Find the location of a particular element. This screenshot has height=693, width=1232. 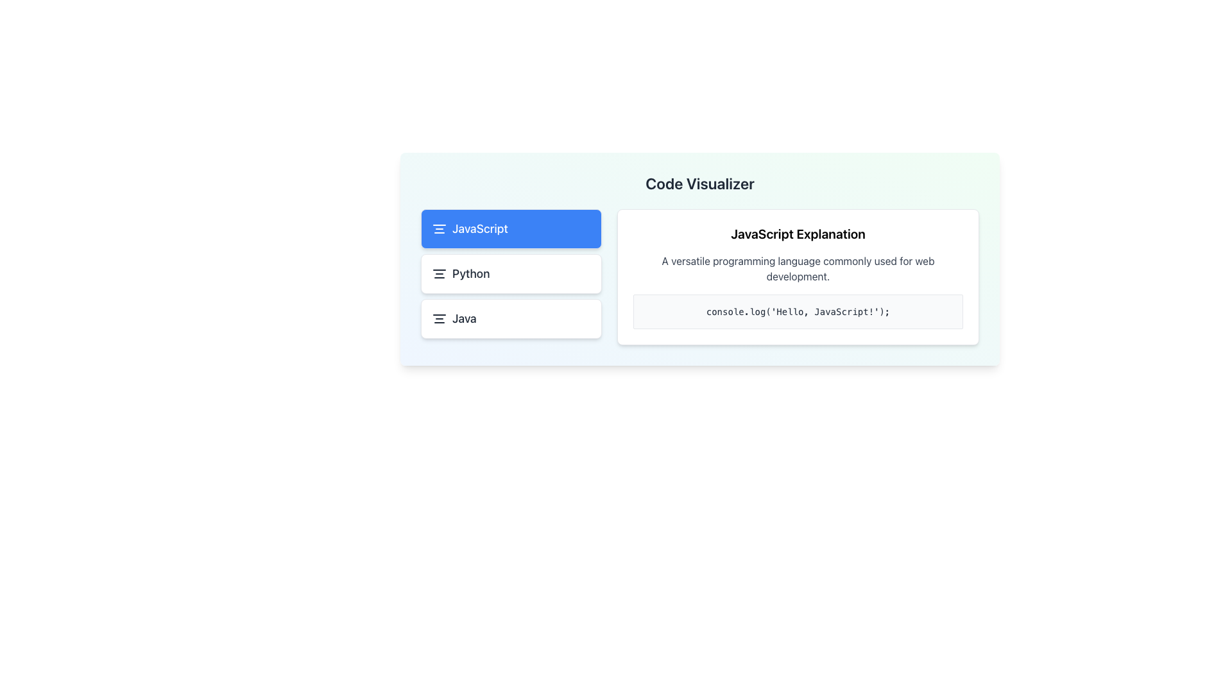

the second selectable button in the programming language selection interface is located at coordinates (510, 273).